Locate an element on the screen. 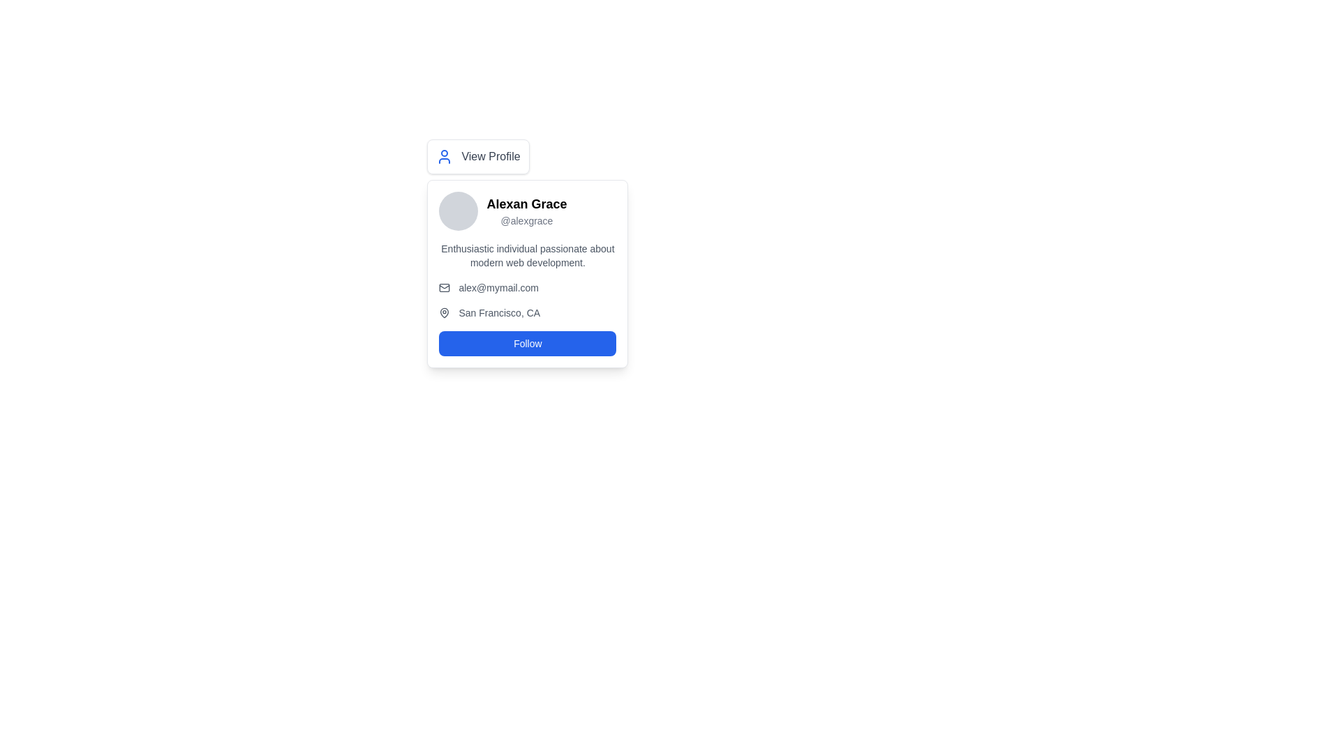 The width and height of the screenshot is (1340, 753). the small blue user profile icon, which is an outline of a person, located on the left side of the component containing the text 'View Profile' is located at coordinates (444, 156).